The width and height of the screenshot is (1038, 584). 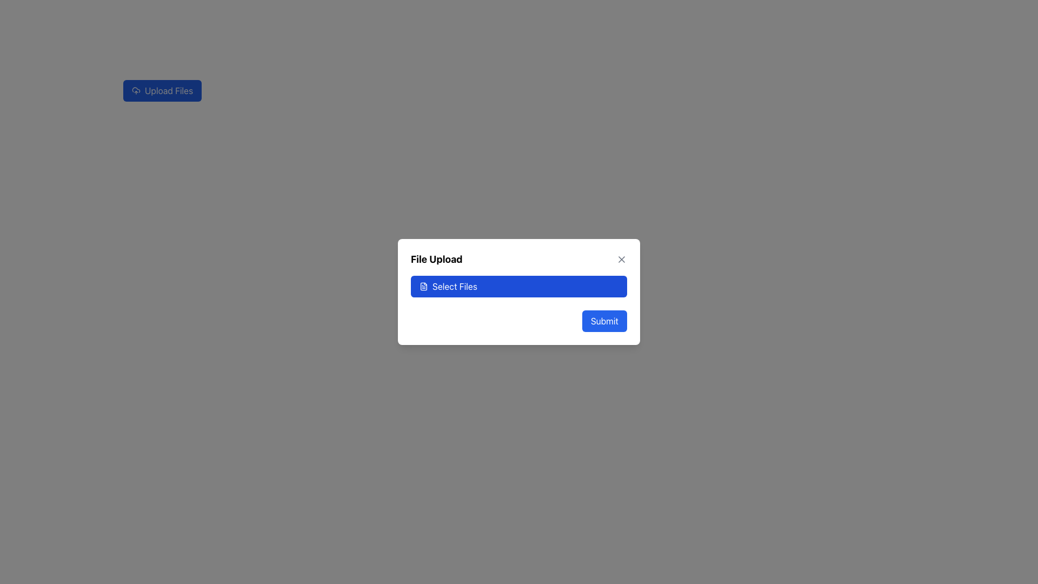 I want to click on the blue rectangular button with white rounded corners that says 'Upload Files' to initiate file upload, so click(x=162, y=90).